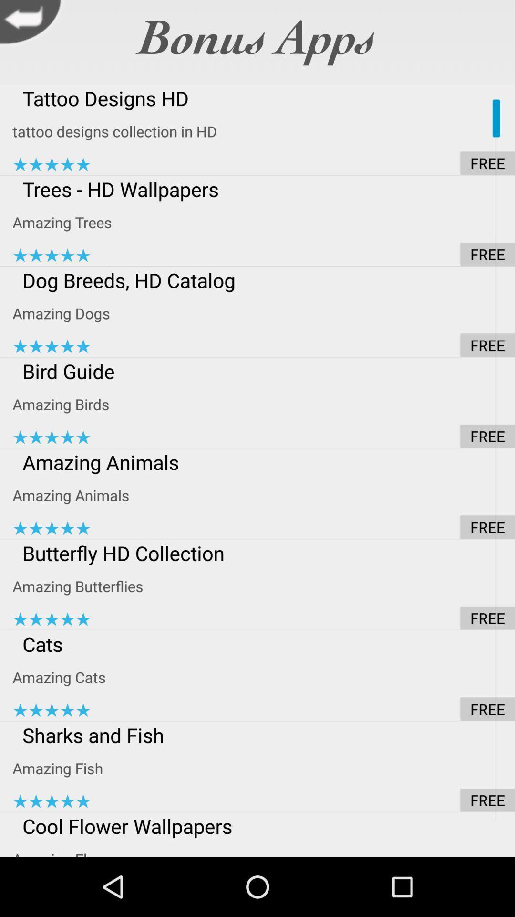 Image resolution: width=515 pixels, height=917 pixels. What do you see at coordinates (264, 735) in the screenshot?
I see `app above the amazing fish  icon` at bounding box center [264, 735].